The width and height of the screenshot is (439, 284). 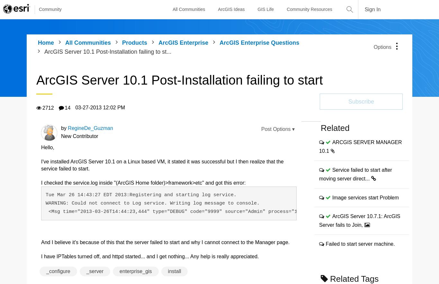 I want to click on '2712', so click(x=48, y=107).